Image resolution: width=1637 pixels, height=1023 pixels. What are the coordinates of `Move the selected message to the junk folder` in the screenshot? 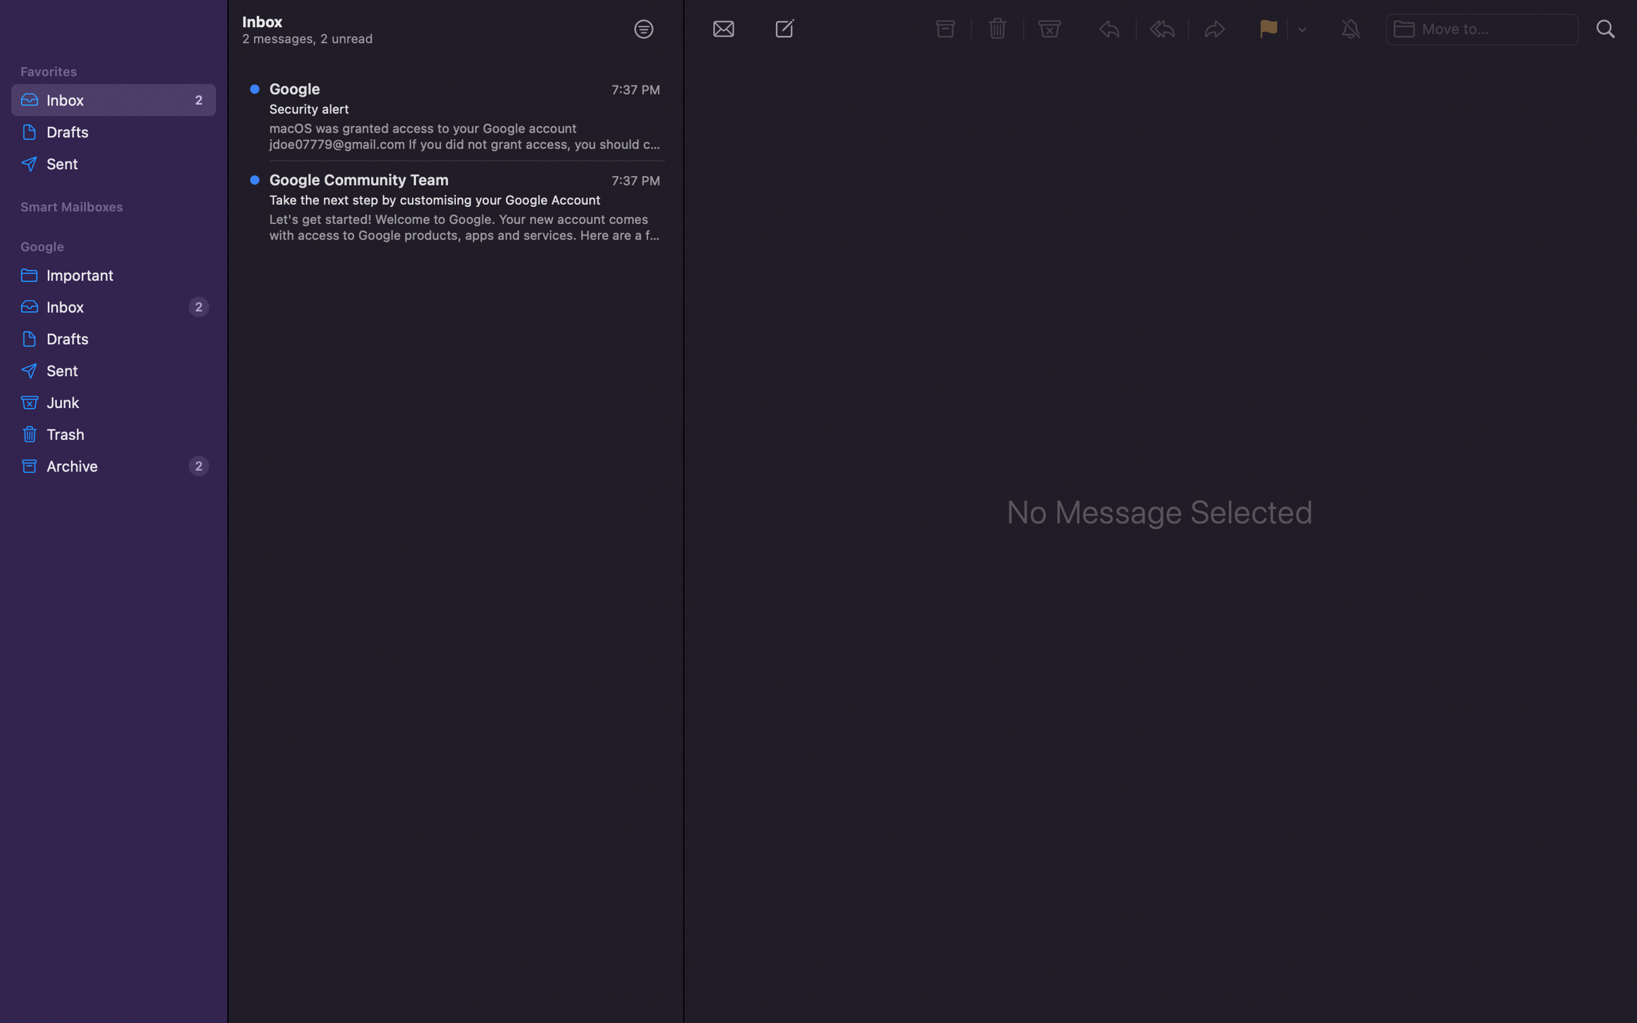 It's located at (1052, 28).